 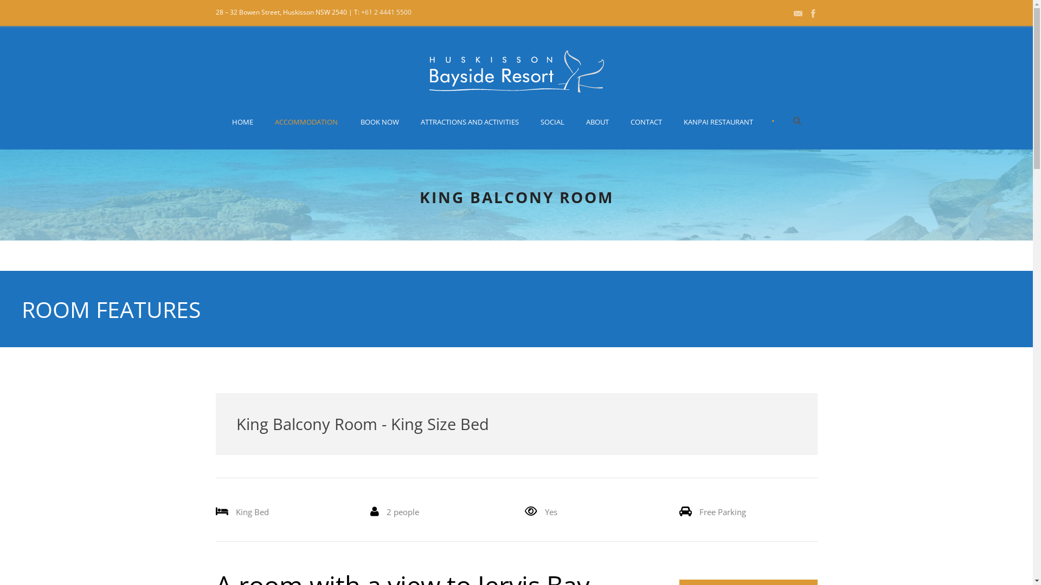 I want to click on 'BOOK NOW', so click(x=380, y=132).